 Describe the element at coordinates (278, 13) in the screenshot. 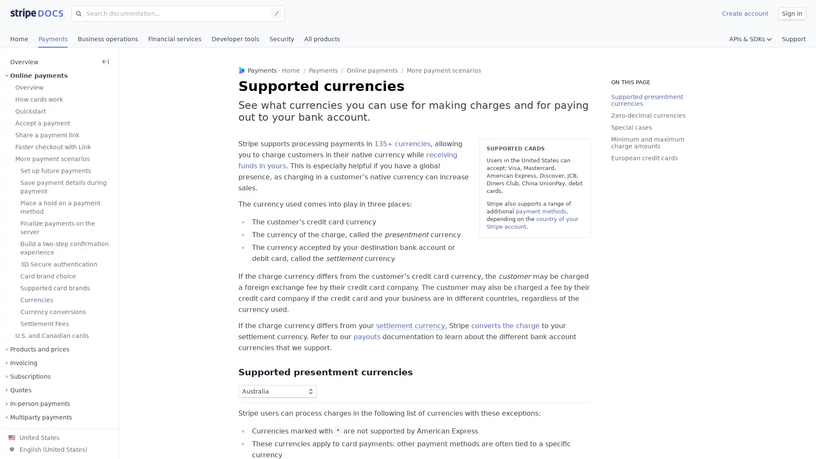

I see `Forward slash keyboard shortcut` at that location.